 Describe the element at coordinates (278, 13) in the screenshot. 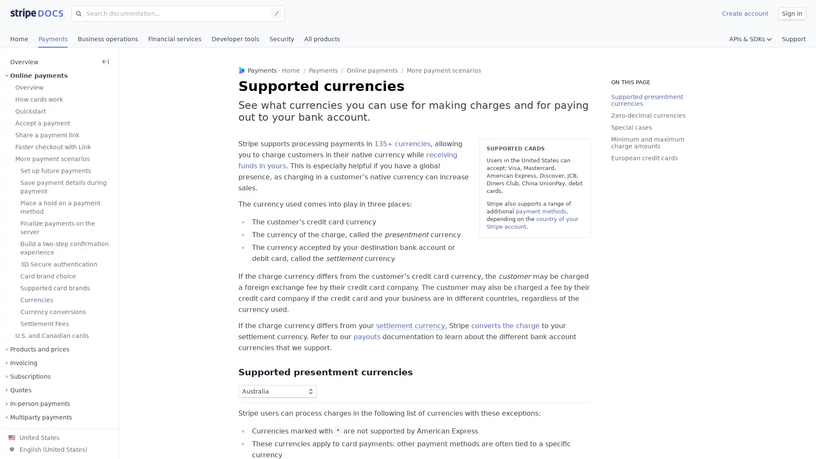

I see `Forward slash keyboard shortcut` at that location.